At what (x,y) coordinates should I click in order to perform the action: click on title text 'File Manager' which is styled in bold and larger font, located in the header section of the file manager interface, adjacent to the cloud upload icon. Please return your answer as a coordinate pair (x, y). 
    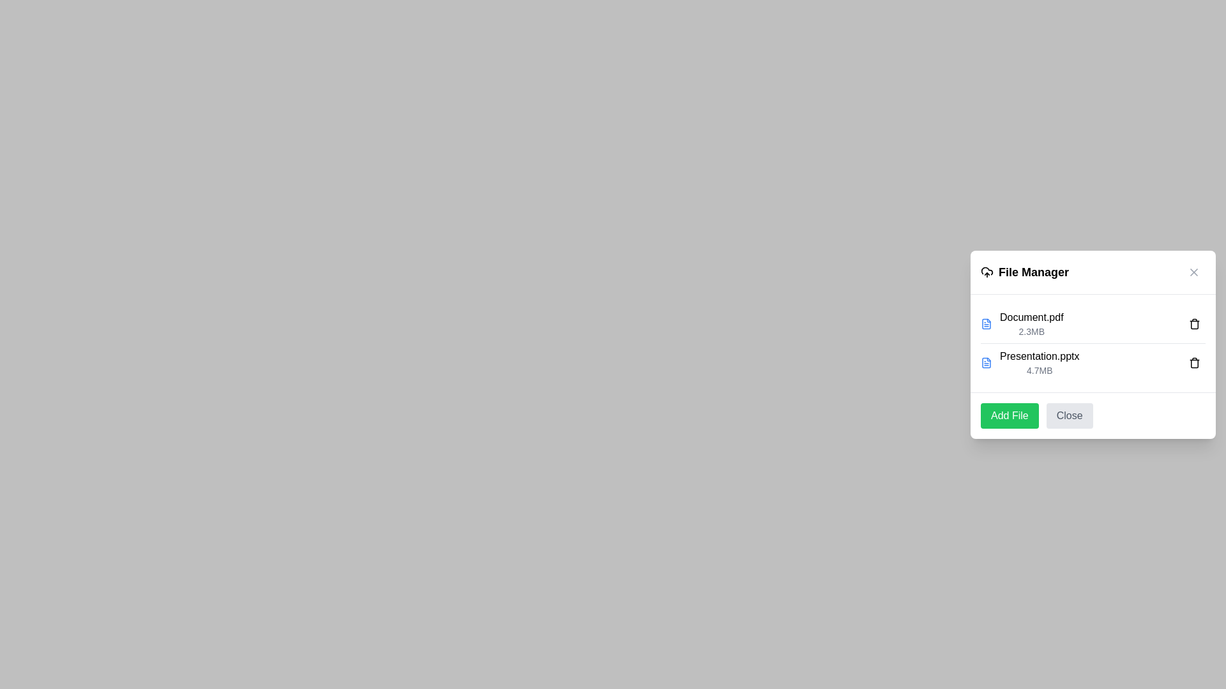
    Looking at the image, I should click on (1024, 271).